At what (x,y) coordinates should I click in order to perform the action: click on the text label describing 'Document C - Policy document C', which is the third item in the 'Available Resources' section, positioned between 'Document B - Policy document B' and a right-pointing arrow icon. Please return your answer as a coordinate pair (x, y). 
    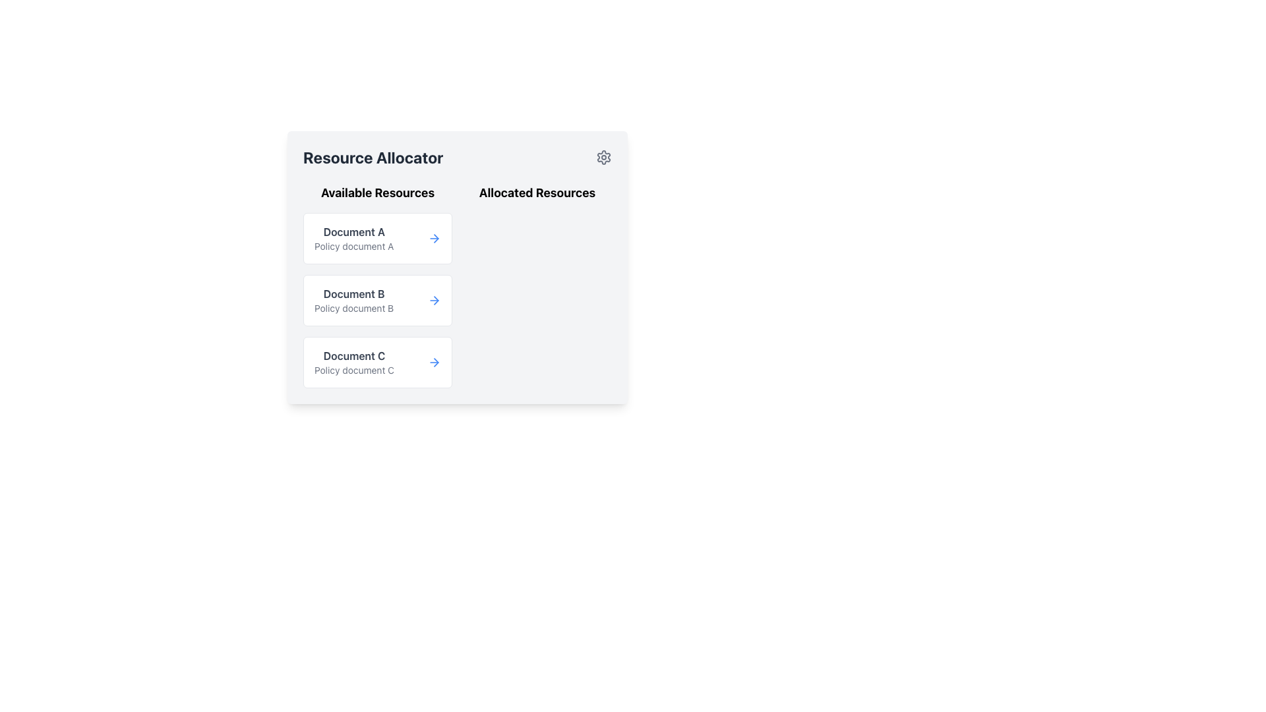
    Looking at the image, I should click on (354, 363).